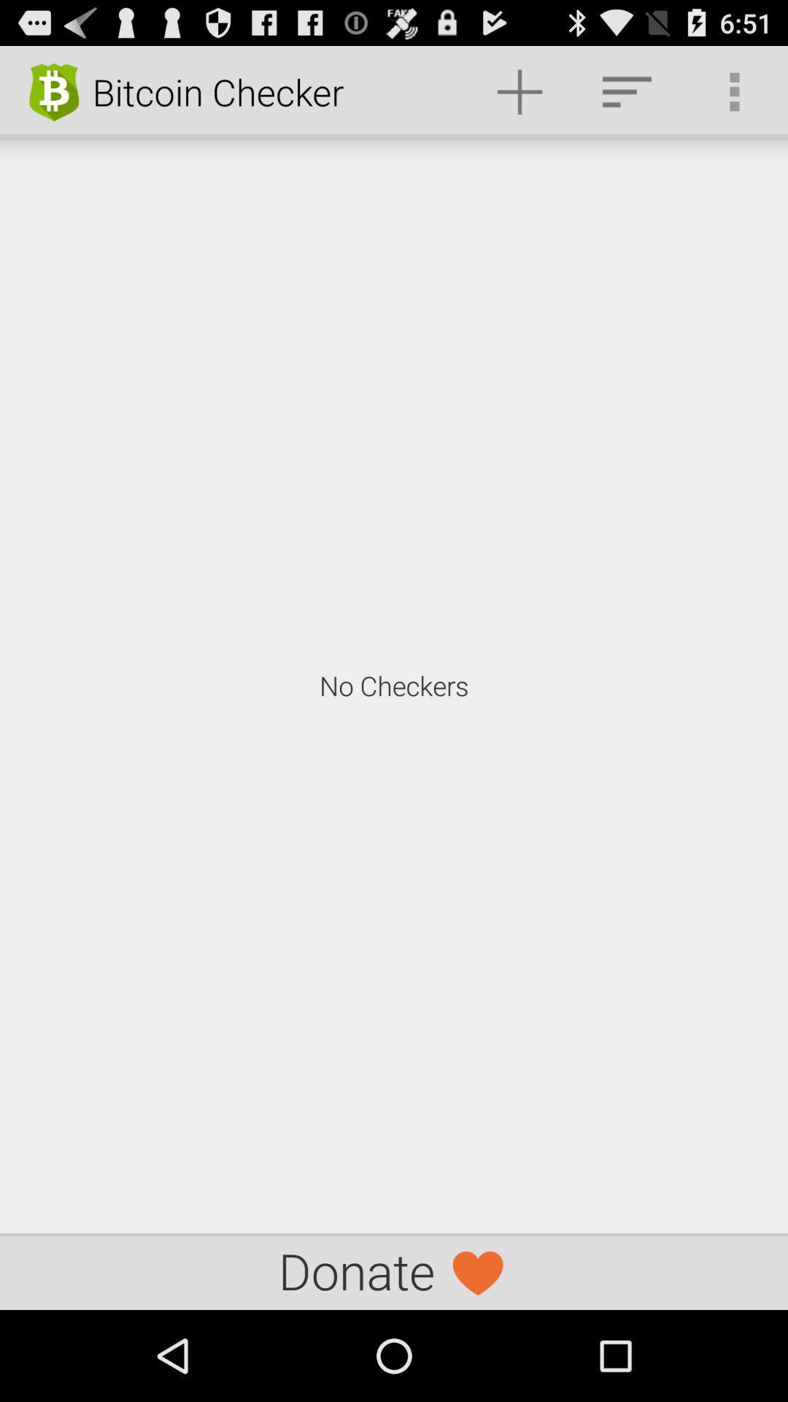  Describe the element at coordinates (394, 1271) in the screenshot. I see `the item below the no checkers icon` at that location.